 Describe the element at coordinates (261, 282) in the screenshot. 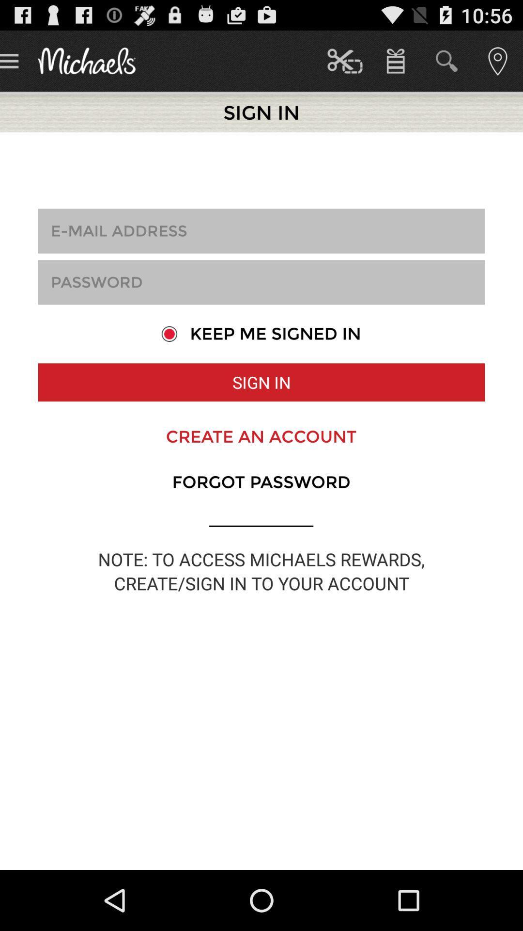

I see `password` at that location.